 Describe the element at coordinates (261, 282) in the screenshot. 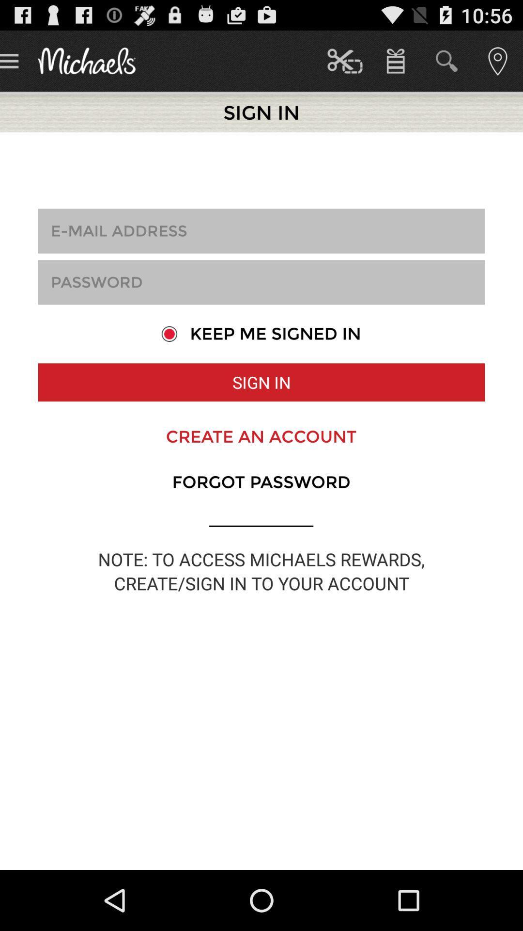

I see `password` at that location.